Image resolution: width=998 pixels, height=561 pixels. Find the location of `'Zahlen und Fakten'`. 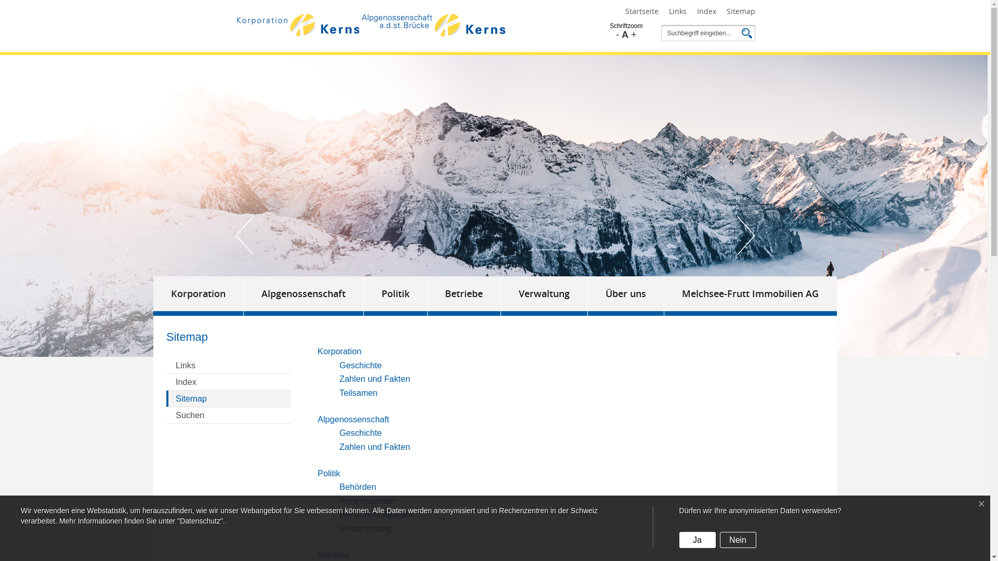

'Zahlen und Fakten' is located at coordinates (374, 379).